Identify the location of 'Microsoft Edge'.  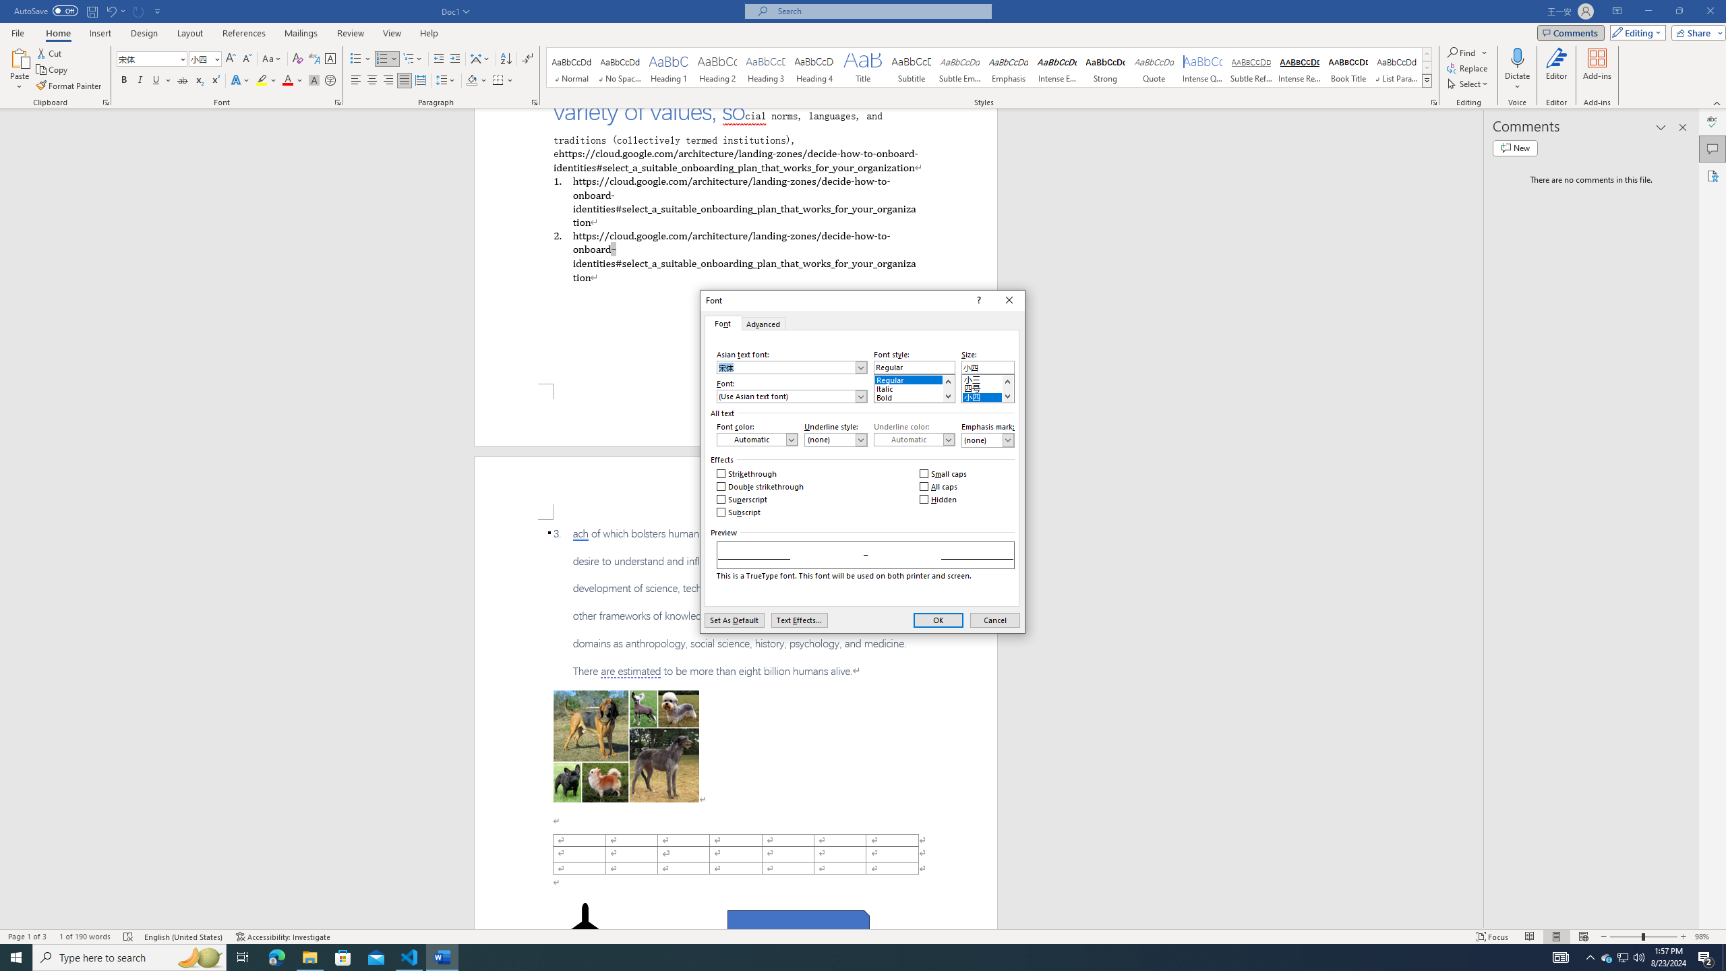
(276, 956).